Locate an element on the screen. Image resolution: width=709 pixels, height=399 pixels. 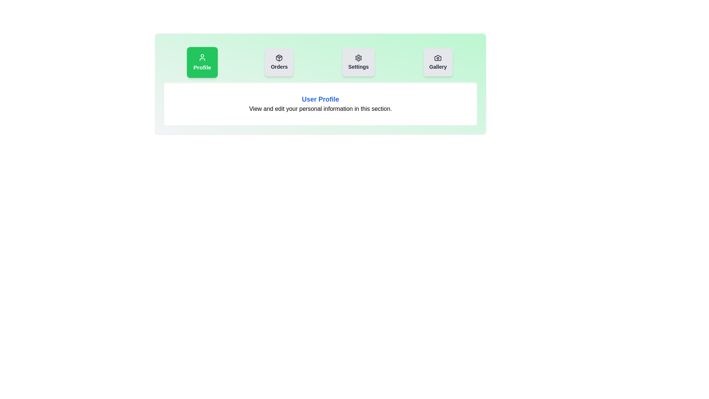
the tab labeled Gallery is located at coordinates (438, 62).